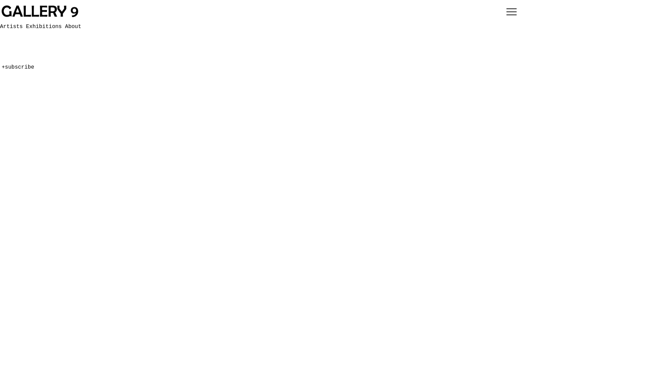 This screenshot has height=365, width=650. What do you see at coordinates (0, 70) in the screenshot?
I see `'Exhibitions'` at bounding box center [0, 70].